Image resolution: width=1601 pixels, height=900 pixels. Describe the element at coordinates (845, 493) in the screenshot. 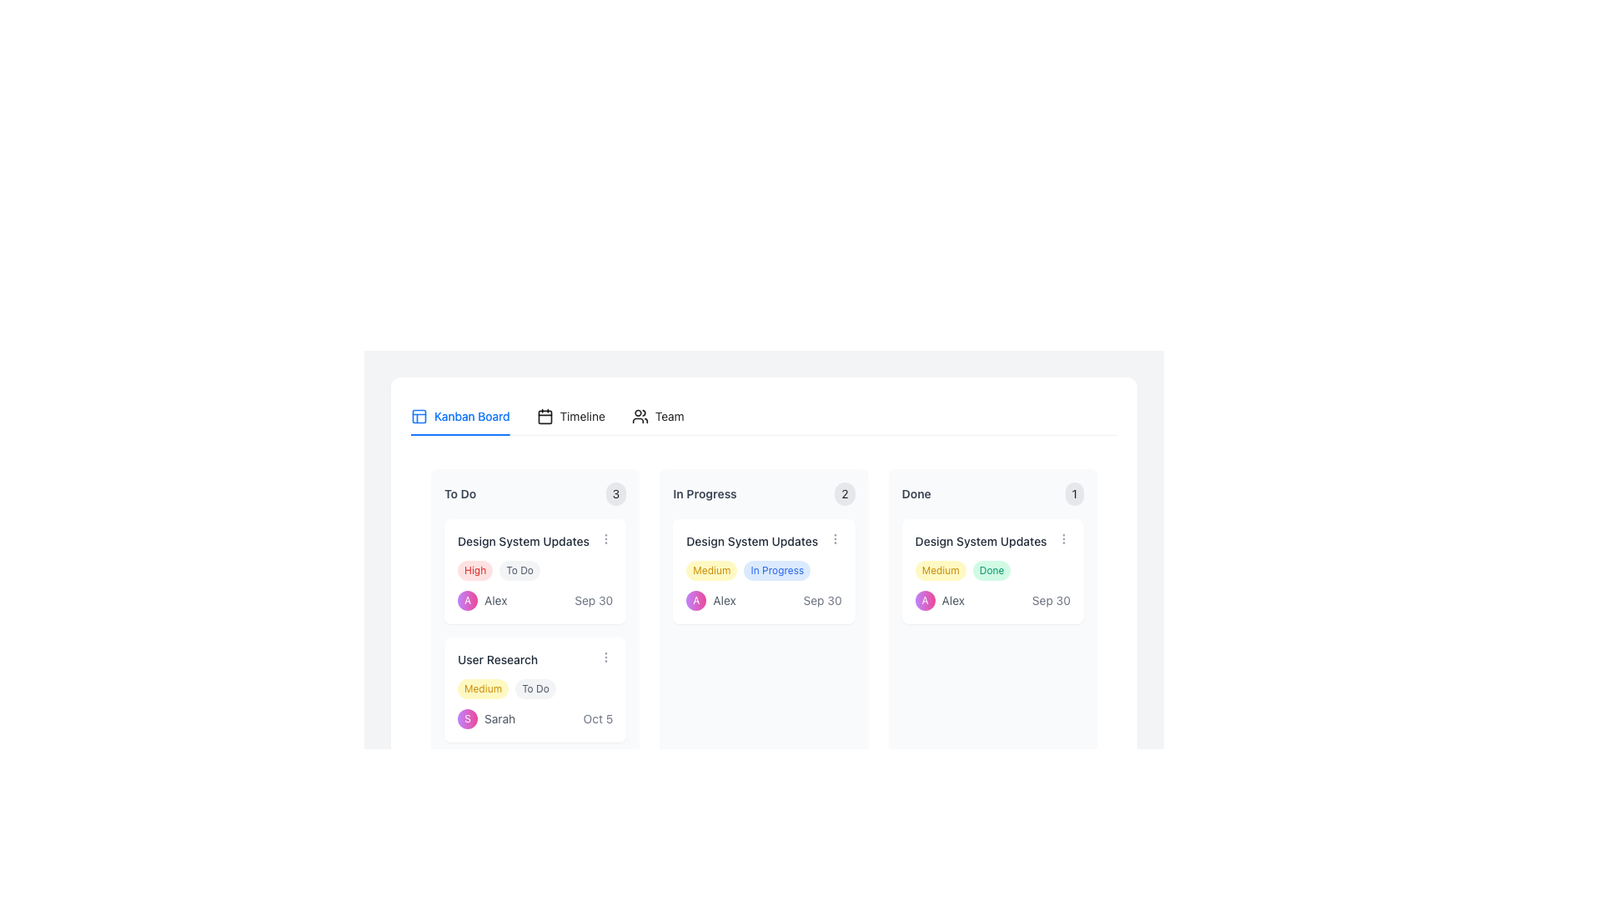

I see `the badge displaying the count of associated items in the 'In Progress' section, located at the top-right corner of the 'In Progress' card header next to the title 'In Progress'` at that location.